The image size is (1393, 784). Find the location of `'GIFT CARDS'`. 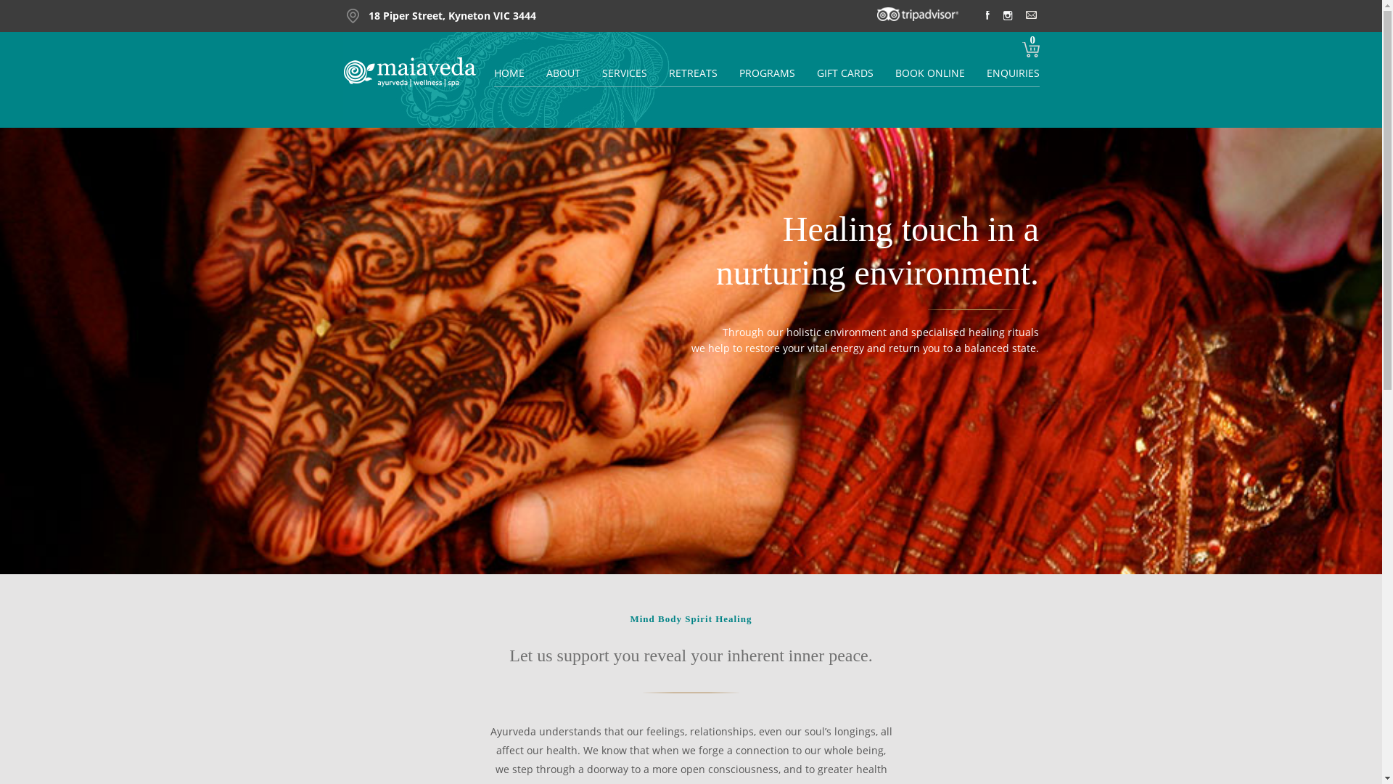

'GIFT CARDS' is located at coordinates (817, 73).